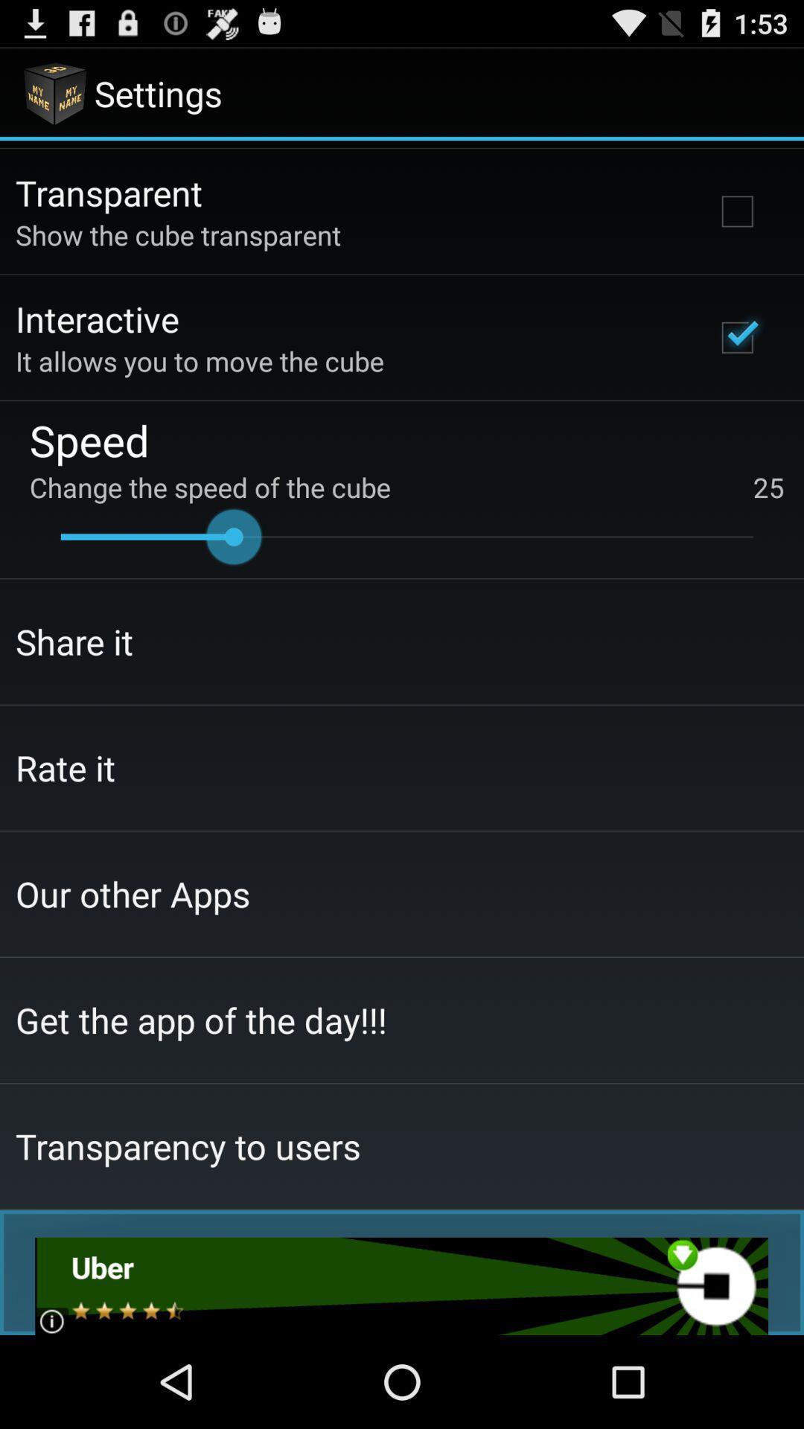  Describe the element at coordinates (401, 1285) in the screenshot. I see `the item below transparency to users icon` at that location.